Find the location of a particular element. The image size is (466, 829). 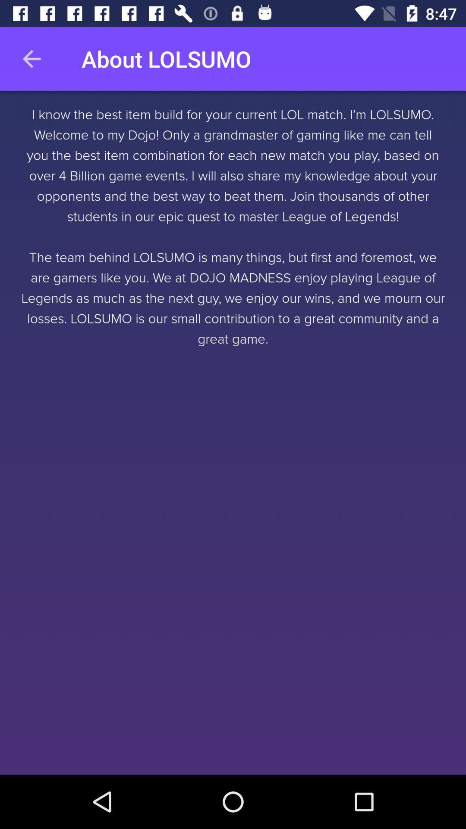

item next to about lolsumo icon is located at coordinates (31, 58).